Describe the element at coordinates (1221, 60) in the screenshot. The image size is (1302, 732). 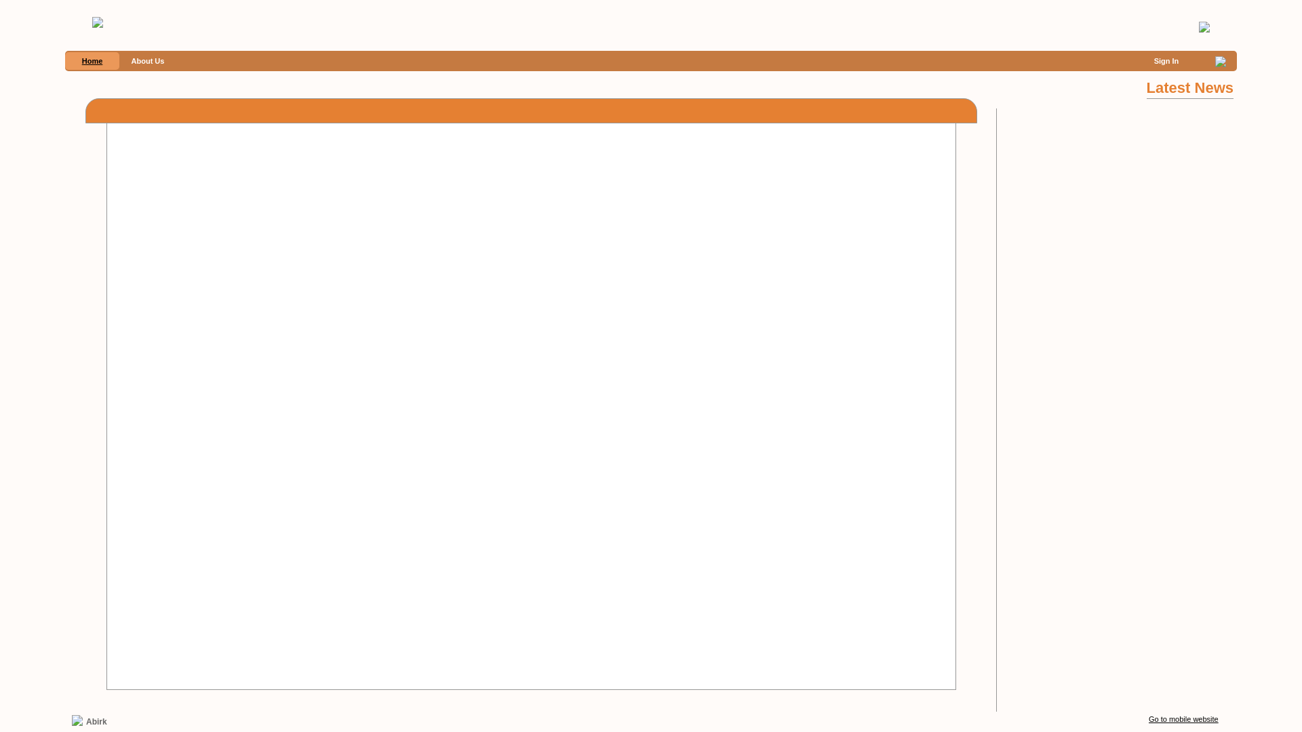
I see `'0'` at that location.